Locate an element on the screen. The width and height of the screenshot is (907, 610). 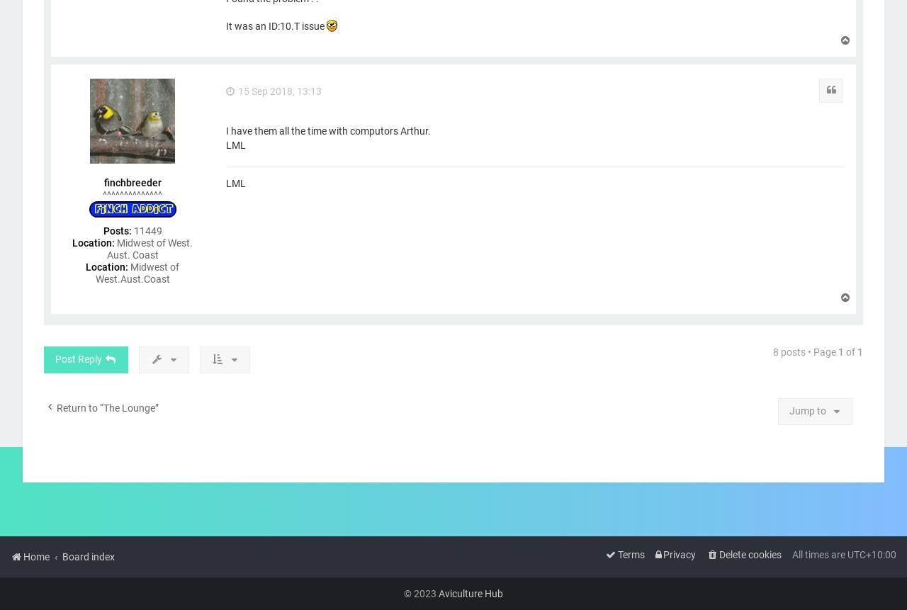
'Aviculture Hub' is located at coordinates (471, 592).